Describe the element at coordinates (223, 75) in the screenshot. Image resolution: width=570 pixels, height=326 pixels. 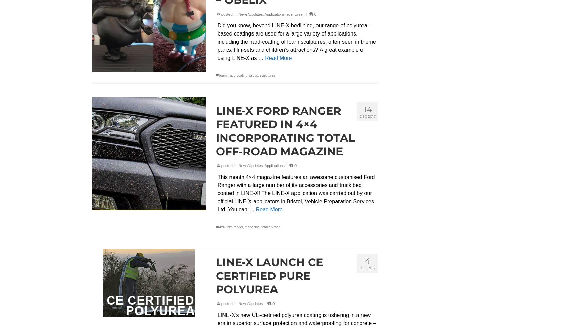
I see `'foam'` at that location.